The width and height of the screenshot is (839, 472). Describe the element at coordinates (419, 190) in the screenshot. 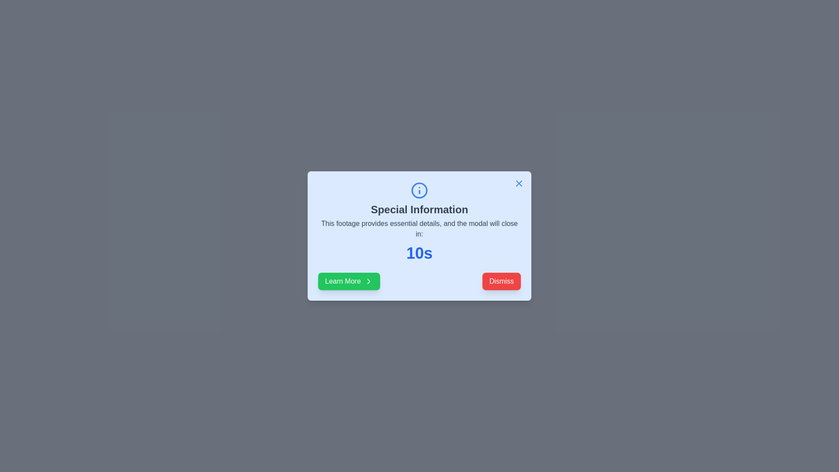

I see `the circular outline of the information icon, which is styled with a blue stroke and located at the top of the modal dialog box` at that location.